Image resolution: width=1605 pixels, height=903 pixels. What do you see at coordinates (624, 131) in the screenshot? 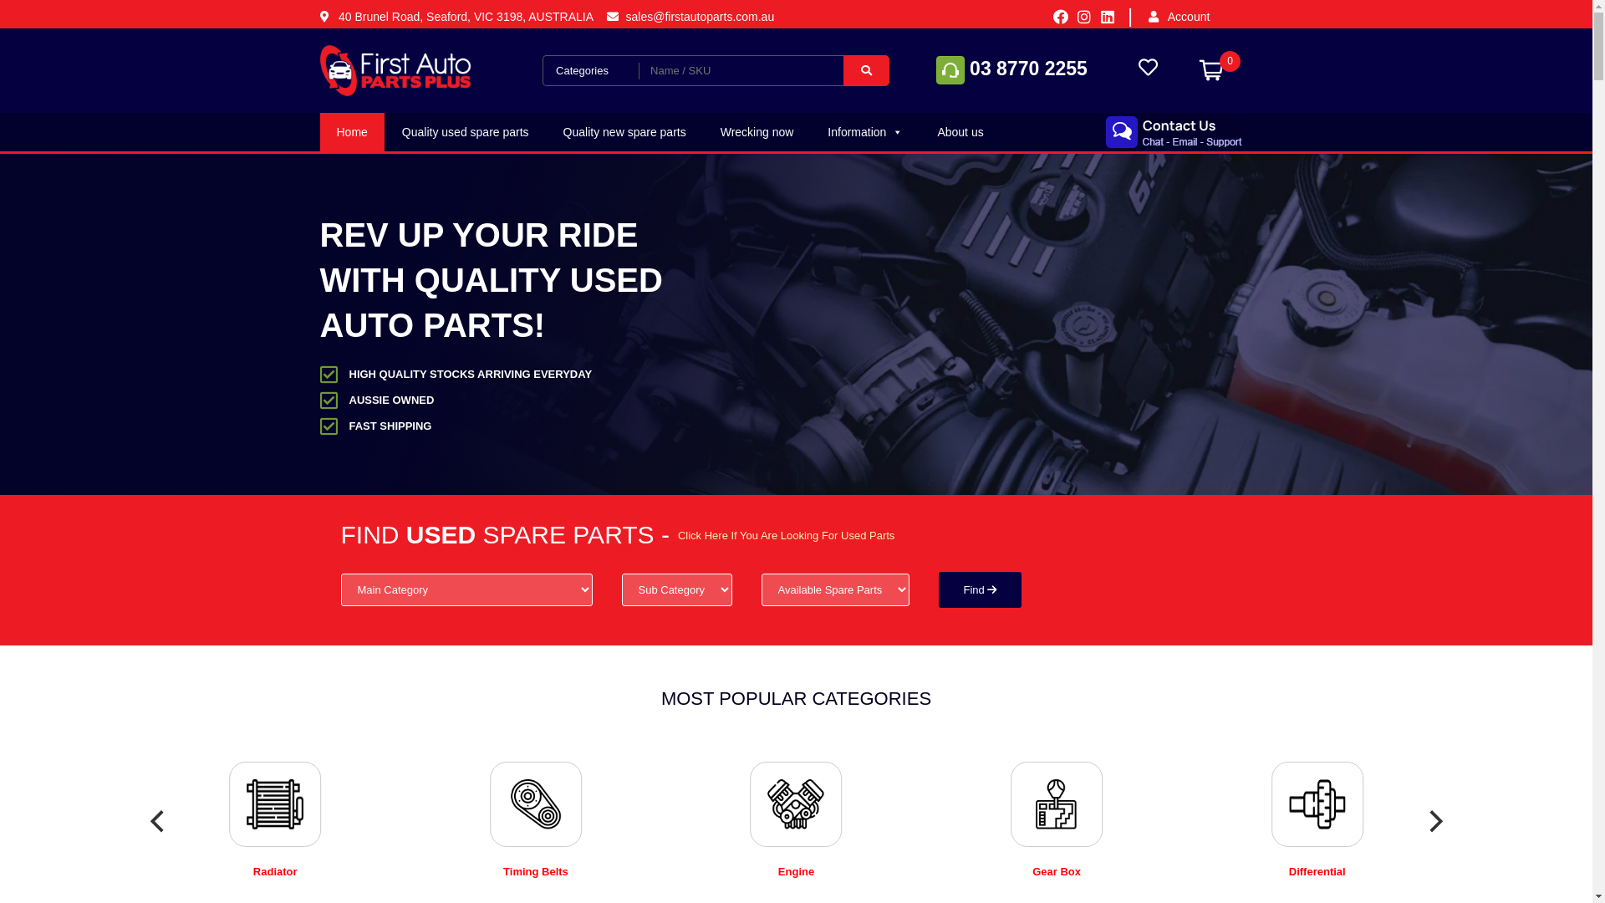
I see `'Quality new spare parts'` at bounding box center [624, 131].